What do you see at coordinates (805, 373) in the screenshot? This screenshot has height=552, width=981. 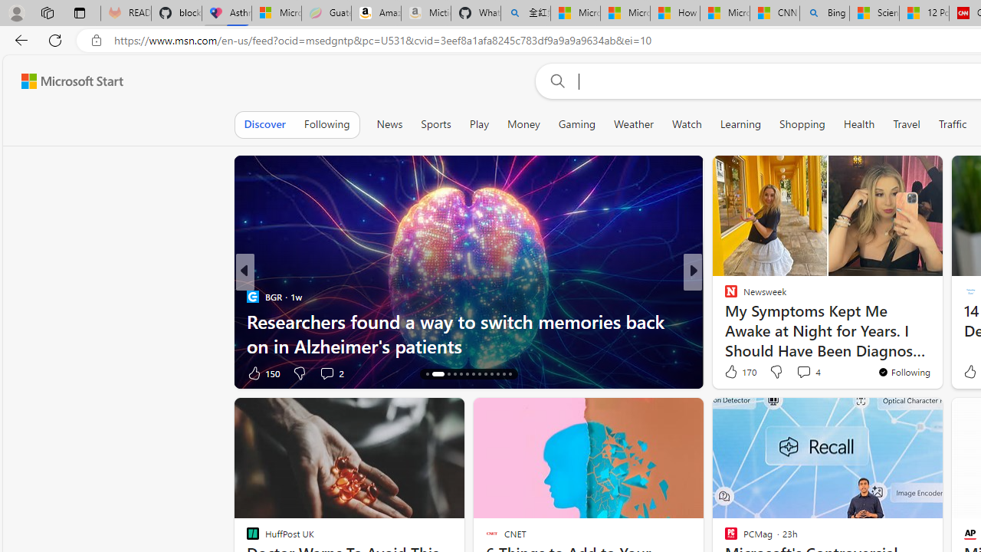 I see `'View comments 34 Comment'` at bounding box center [805, 373].